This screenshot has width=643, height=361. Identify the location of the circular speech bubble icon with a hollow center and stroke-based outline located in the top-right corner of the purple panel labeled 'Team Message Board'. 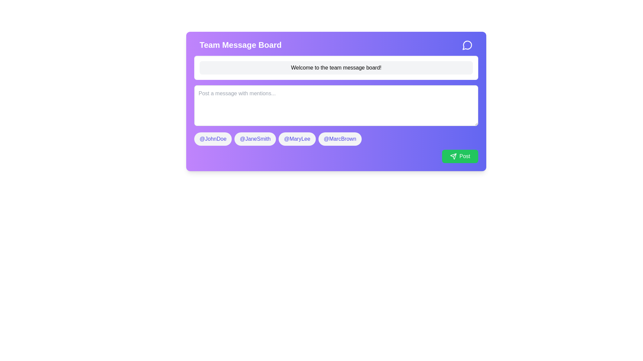
(467, 45).